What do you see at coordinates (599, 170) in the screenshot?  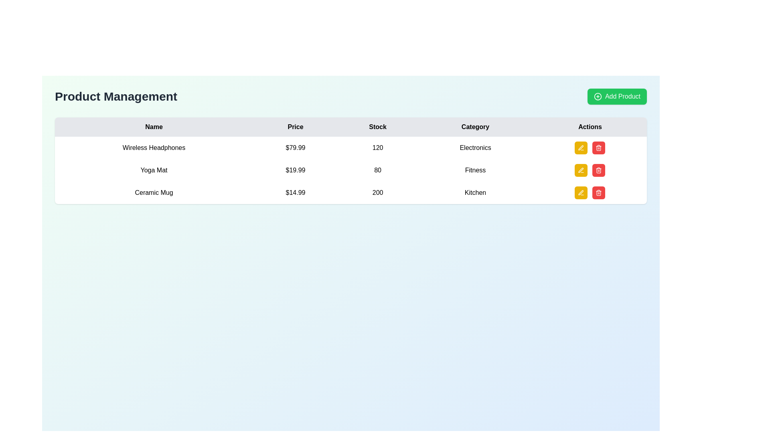 I see `the delete button for the 'Ceramic Mug' item, located in the 'Actions' column, which is the second button to the right of the yellow edit button` at bounding box center [599, 170].